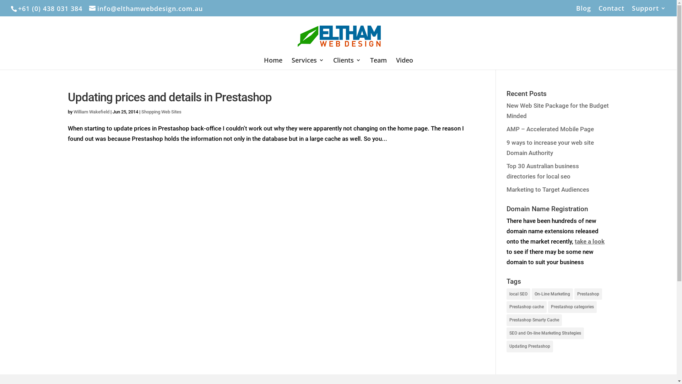 This screenshot has height=384, width=682. What do you see at coordinates (526, 306) in the screenshot?
I see `'Prestashop cache'` at bounding box center [526, 306].